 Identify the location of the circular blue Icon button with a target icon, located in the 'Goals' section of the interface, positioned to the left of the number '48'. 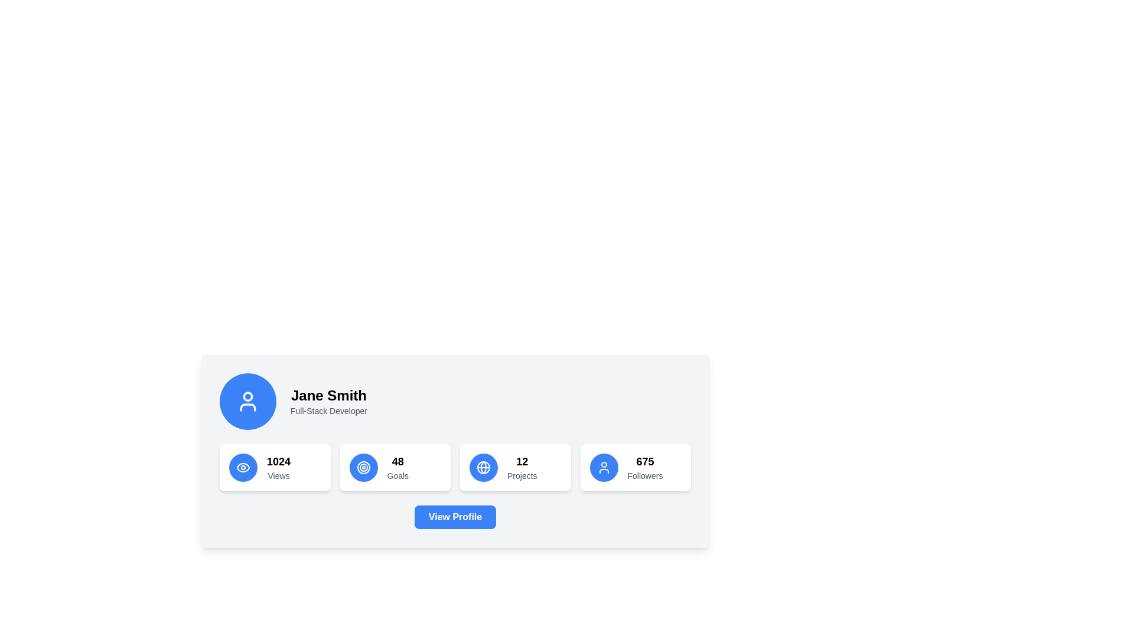
(363, 467).